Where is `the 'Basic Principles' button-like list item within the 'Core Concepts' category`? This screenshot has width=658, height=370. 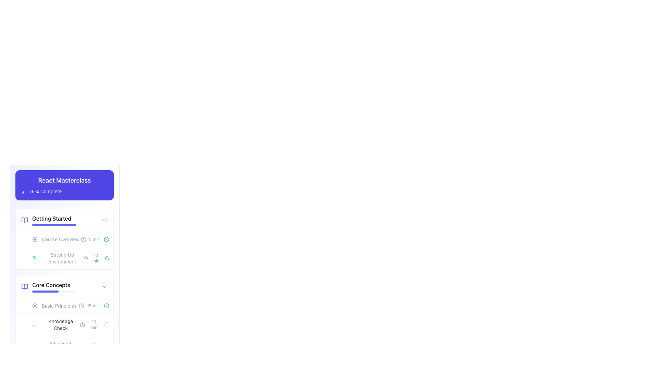
the 'Basic Principles' button-like list item within the 'Core Concepts' category is located at coordinates (54, 306).